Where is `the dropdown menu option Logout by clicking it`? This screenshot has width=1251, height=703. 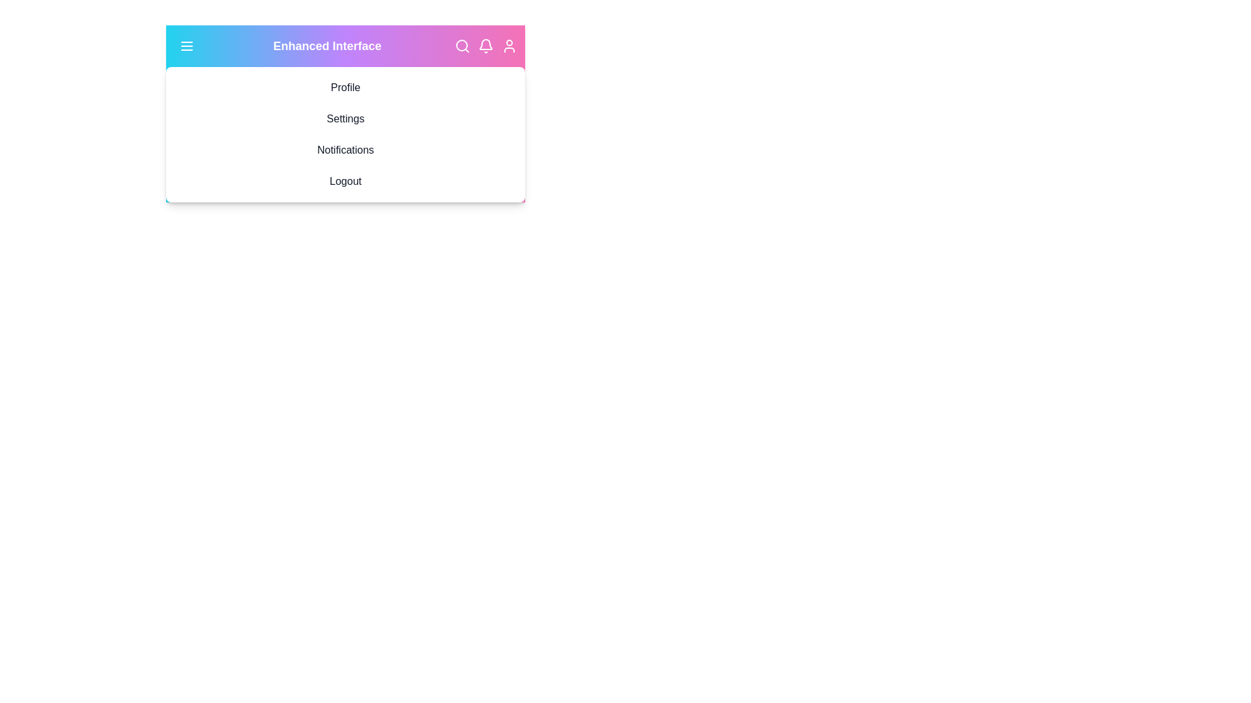 the dropdown menu option Logout by clicking it is located at coordinates (345, 181).